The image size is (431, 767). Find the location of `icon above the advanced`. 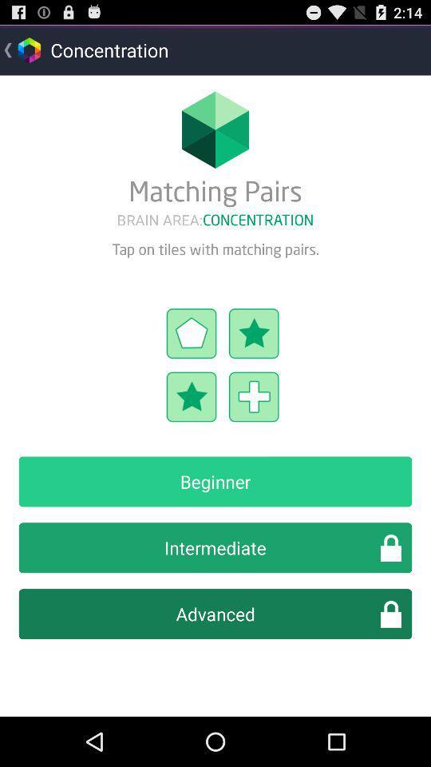

icon above the advanced is located at coordinates (215, 547).